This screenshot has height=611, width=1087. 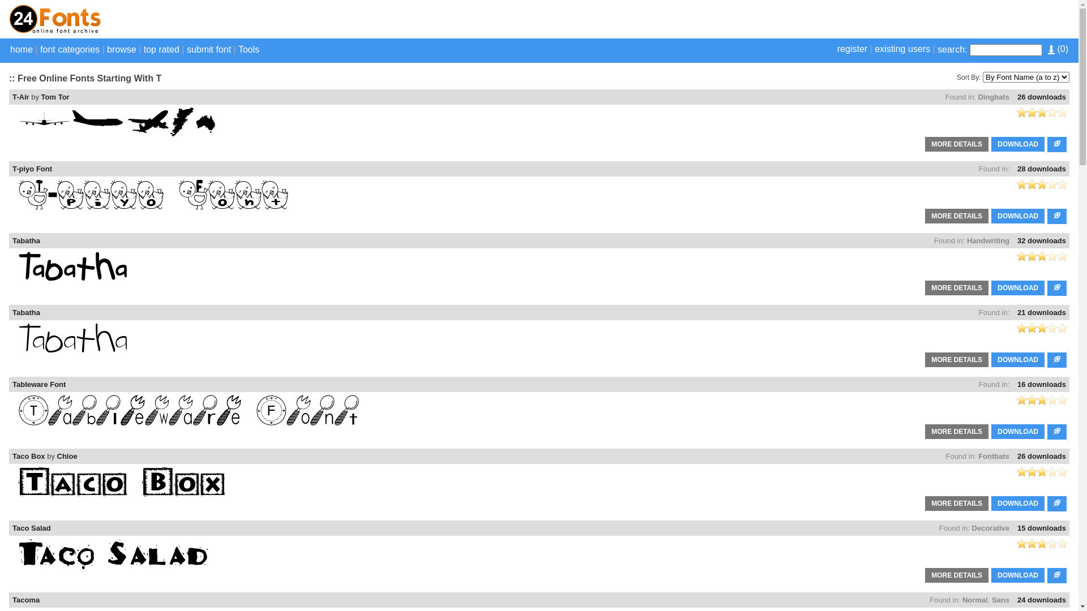 I want to click on 'DOWNLOAD', so click(x=1018, y=143).